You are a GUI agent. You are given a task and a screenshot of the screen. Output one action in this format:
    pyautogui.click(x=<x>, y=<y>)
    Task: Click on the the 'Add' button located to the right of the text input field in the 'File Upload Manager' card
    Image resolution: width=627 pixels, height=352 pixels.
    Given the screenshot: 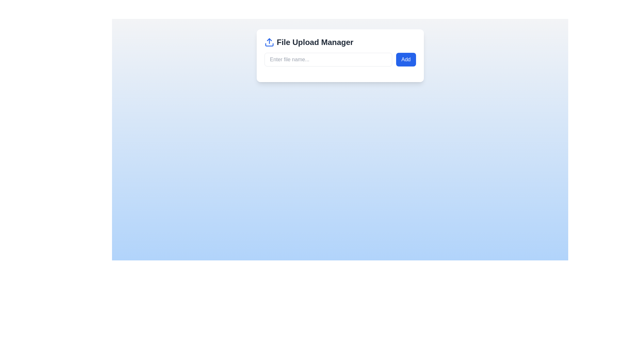 What is the action you would take?
    pyautogui.click(x=406, y=59)
    